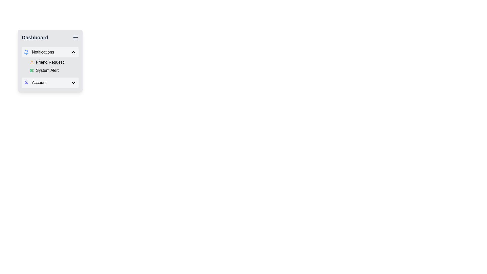 The height and width of the screenshot is (274, 487). Describe the element at coordinates (50, 67) in the screenshot. I see `the Menu section with notification items under the 'Notifications' header` at that location.